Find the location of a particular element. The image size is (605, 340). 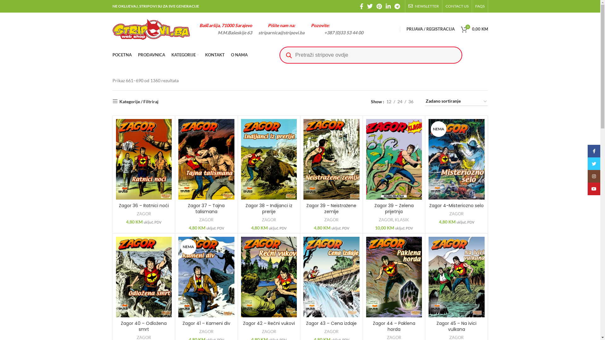

'O NAMA' is located at coordinates (239, 54).